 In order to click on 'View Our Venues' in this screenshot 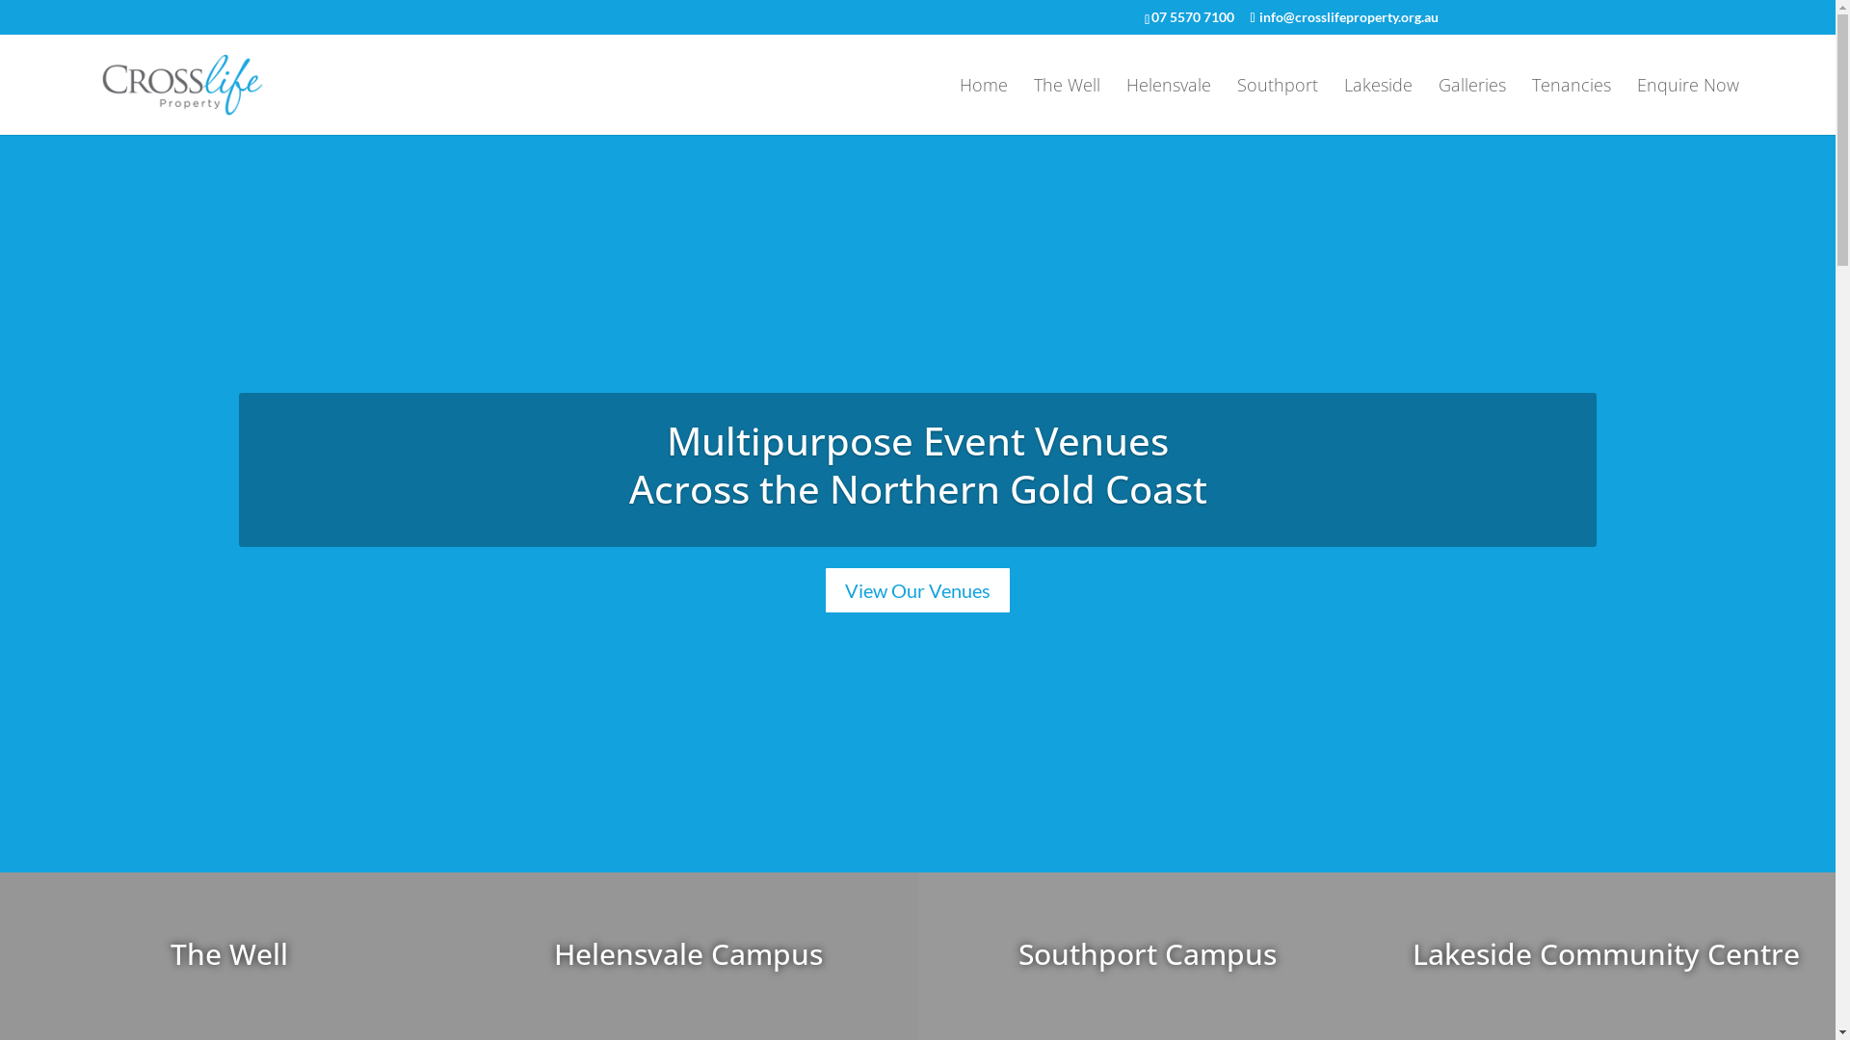, I will do `click(916, 589)`.